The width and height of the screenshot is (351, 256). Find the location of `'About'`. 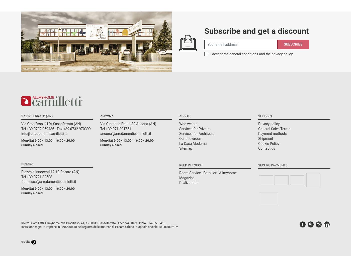

'About' is located at coordinates (184, 116).